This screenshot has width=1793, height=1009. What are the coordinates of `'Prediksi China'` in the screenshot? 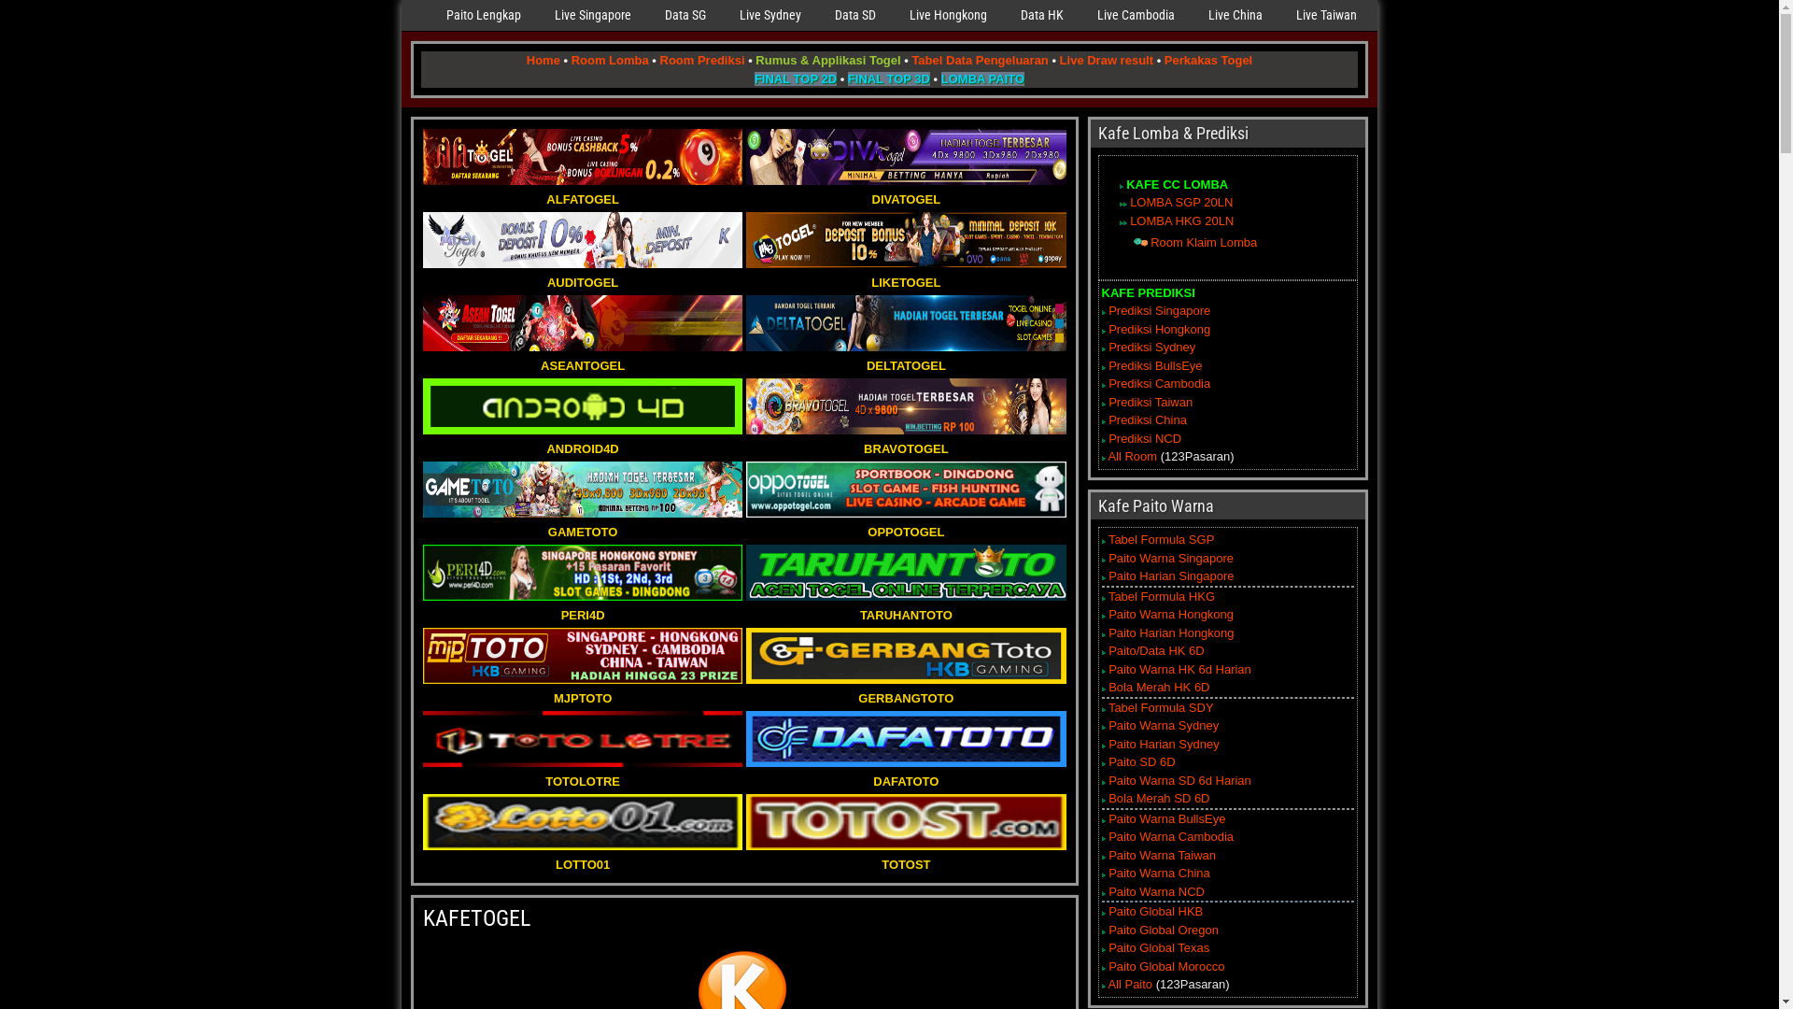 It's located at (1108, 419).